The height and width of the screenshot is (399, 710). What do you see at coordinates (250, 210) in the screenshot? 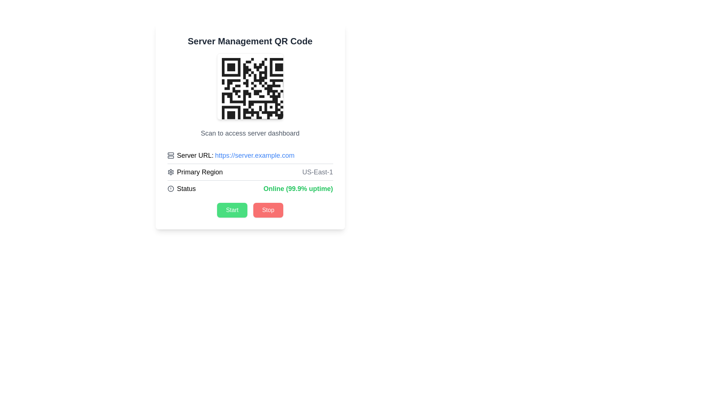
I see `the 'Stop' button in the Button Group located at the bottom of the 'Server Management QR Code' card, directly below the status section that displays 'Online (99.9% uptime)'` at bounding box center [250, 210].